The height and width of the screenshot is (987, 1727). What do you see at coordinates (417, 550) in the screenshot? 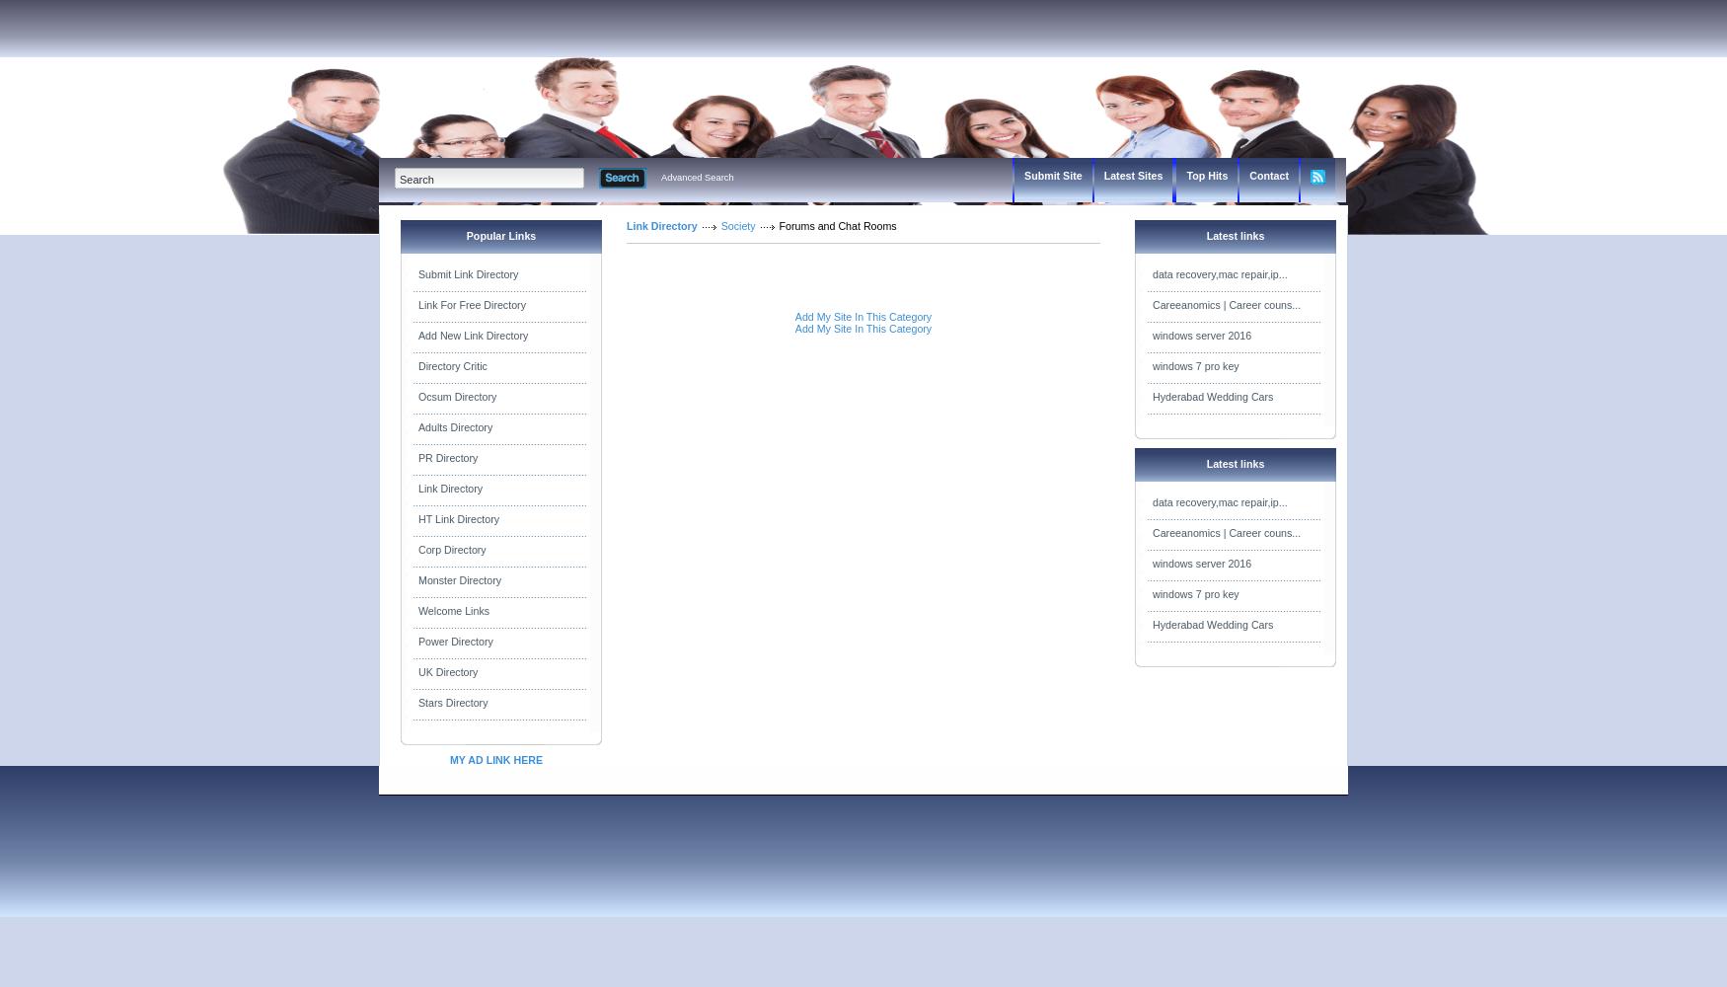
I see `'Corp Directory'` at bounding box center [417, 550].